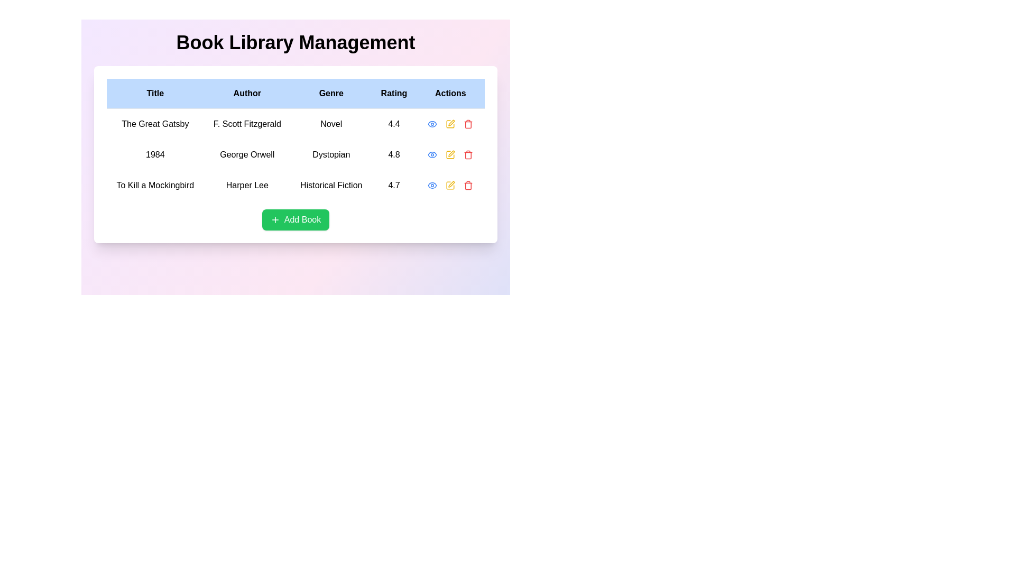 This screenshot has height=571, width=1015. Describe the element at coordinates (246, 185) in the screenshot. I see `the static text label displaying 'Harper Lee' located in the 'Author' column of the table, which is positioned between the book title 'To Kill a Mockingbird' and the genre 'Historical Fiction'` at that location.